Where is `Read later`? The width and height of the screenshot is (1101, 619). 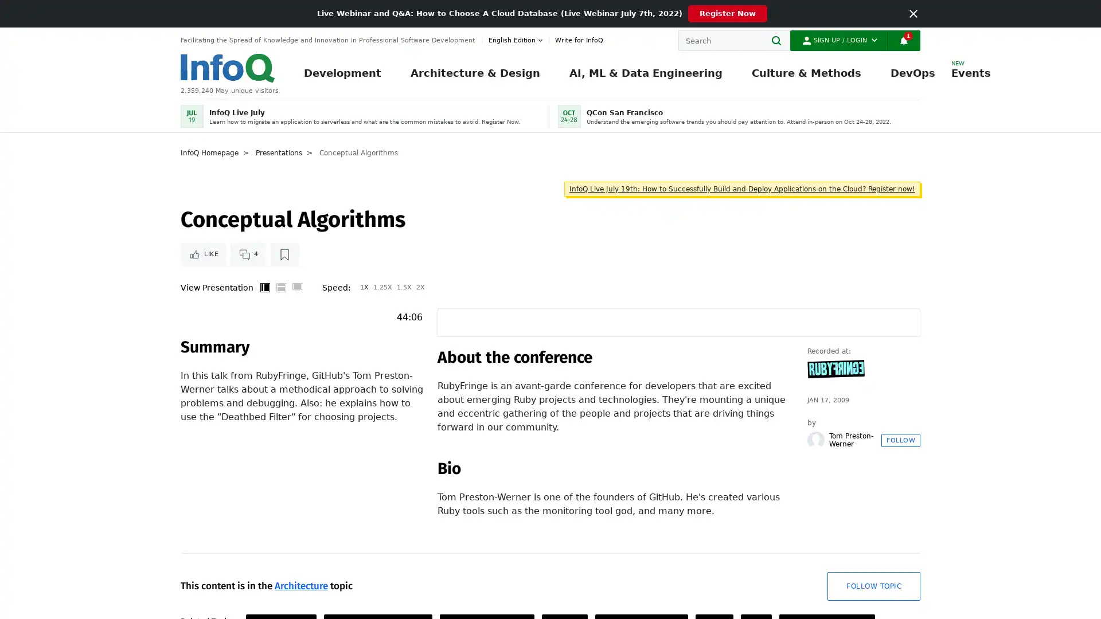
Read later is located at coordinates (284, 287).